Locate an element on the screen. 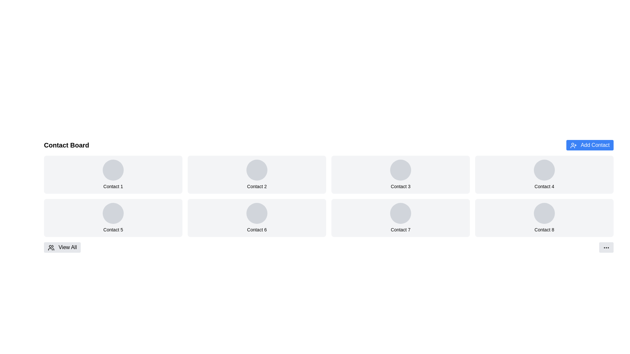 The image size is (630, 354). the circular profile-like placeholder with a gray background located in the 'Contact 4' card, which is in the second row and fourth column of the grid is located at coordinates (544, 170).